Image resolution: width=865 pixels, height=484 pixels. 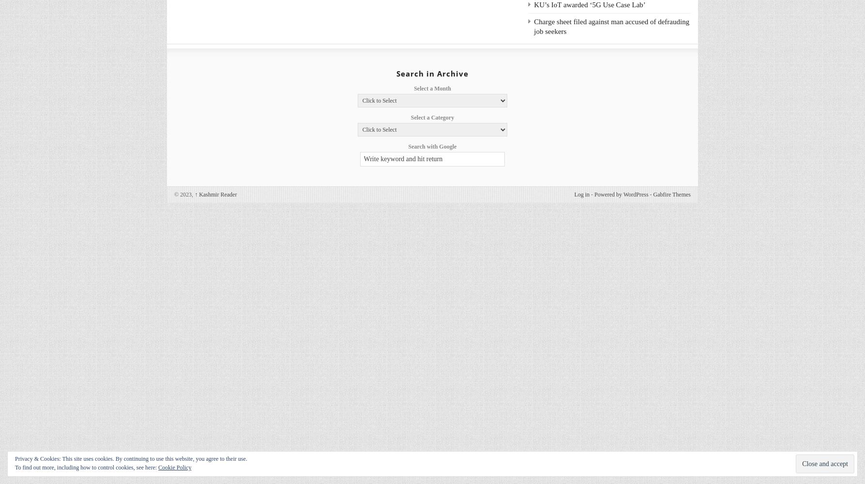 I want to click on 'Cookie Policy', so click(x=174, y=467).